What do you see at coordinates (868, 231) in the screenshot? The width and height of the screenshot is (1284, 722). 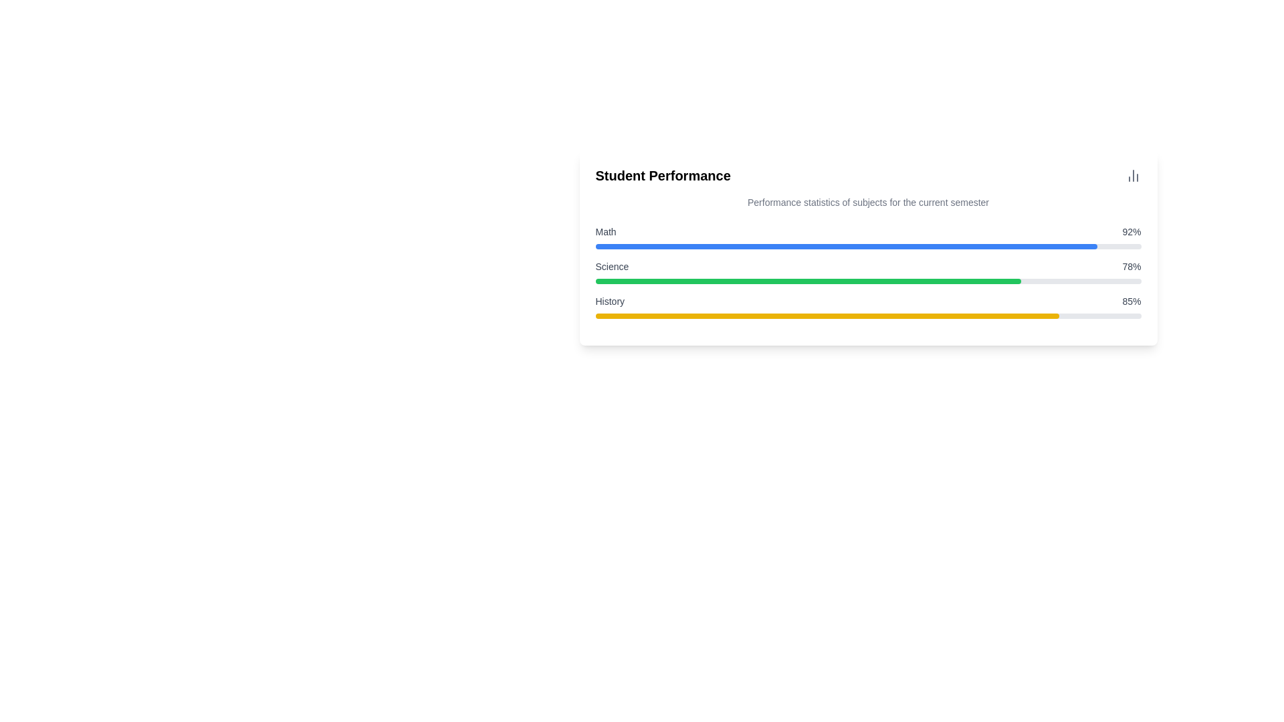 I see `displayed statistic from the Statistical display component showing 'Math' and '92%' at the top of the vertical list` at bounding box center [868, 231].